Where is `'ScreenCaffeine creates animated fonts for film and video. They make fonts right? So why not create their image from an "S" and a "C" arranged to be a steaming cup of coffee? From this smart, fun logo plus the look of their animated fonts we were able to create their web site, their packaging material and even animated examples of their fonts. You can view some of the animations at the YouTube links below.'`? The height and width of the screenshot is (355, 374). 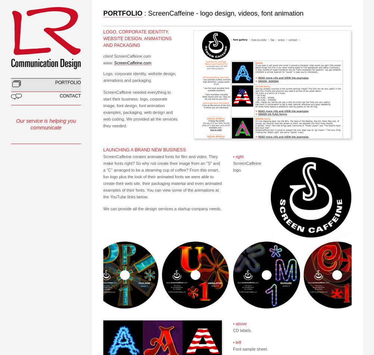
'ScreenCaffeine creates animated fonts for film and video. They make fonts right? So why not create their image from an "S" and a "C" arranged to be a steaming cup of coffee? From this smart, fun logo plus the look of their animated fonts we were able to create their web site, their packaging material and even animated examples of their fonts. You can view some of the animations at the YouTube links below.' is located at coordinates (162, 176).